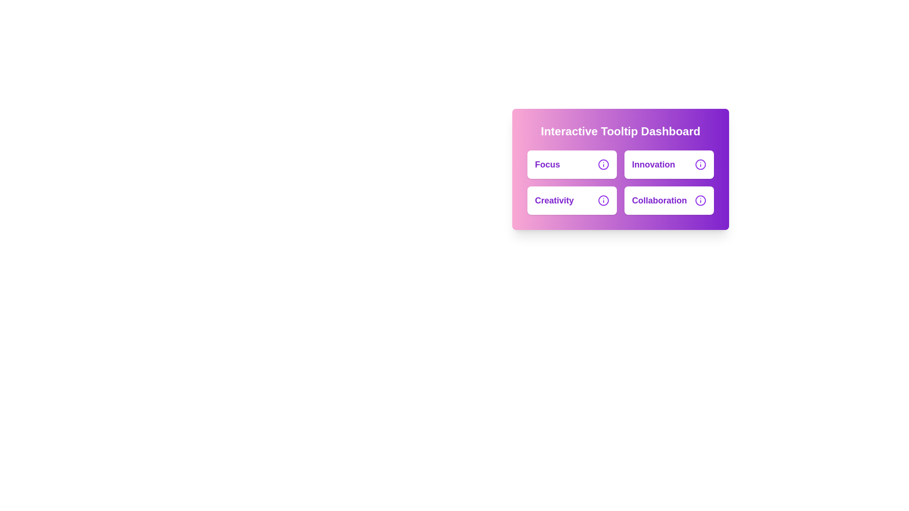 This screenshot has width=909, height=511. What do you see at coordinates (603, 164) in the screenshot?
I see `circular SVG icon within the 'Focus' button located in the top-left quadrant of the 'Interactive Tooltip Dashboard' panel` at bounding box center [603, 164].